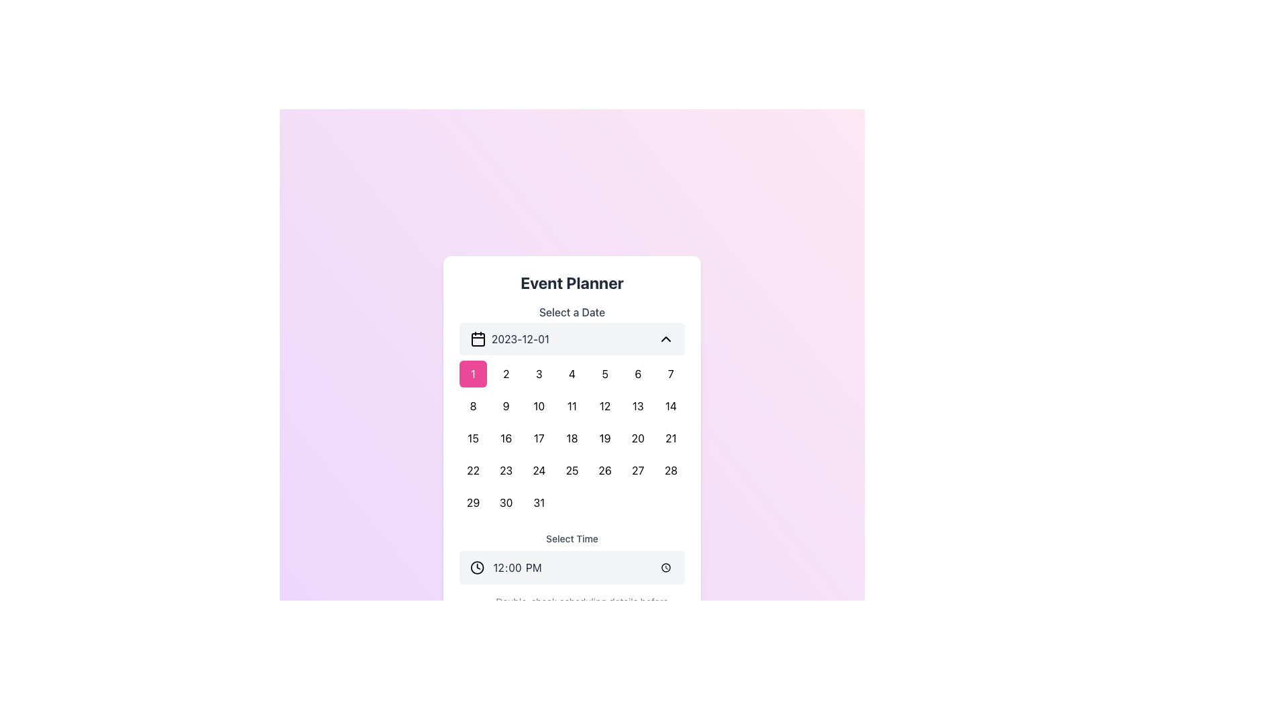 This screenshot has width=1288, height=724. Describe the element at coordinates (478, 339) in the screenshot. I see `the background of the calendar icon, which is positioned to the left of the date input field in the 'Event Planner' section of the UI` at that location.